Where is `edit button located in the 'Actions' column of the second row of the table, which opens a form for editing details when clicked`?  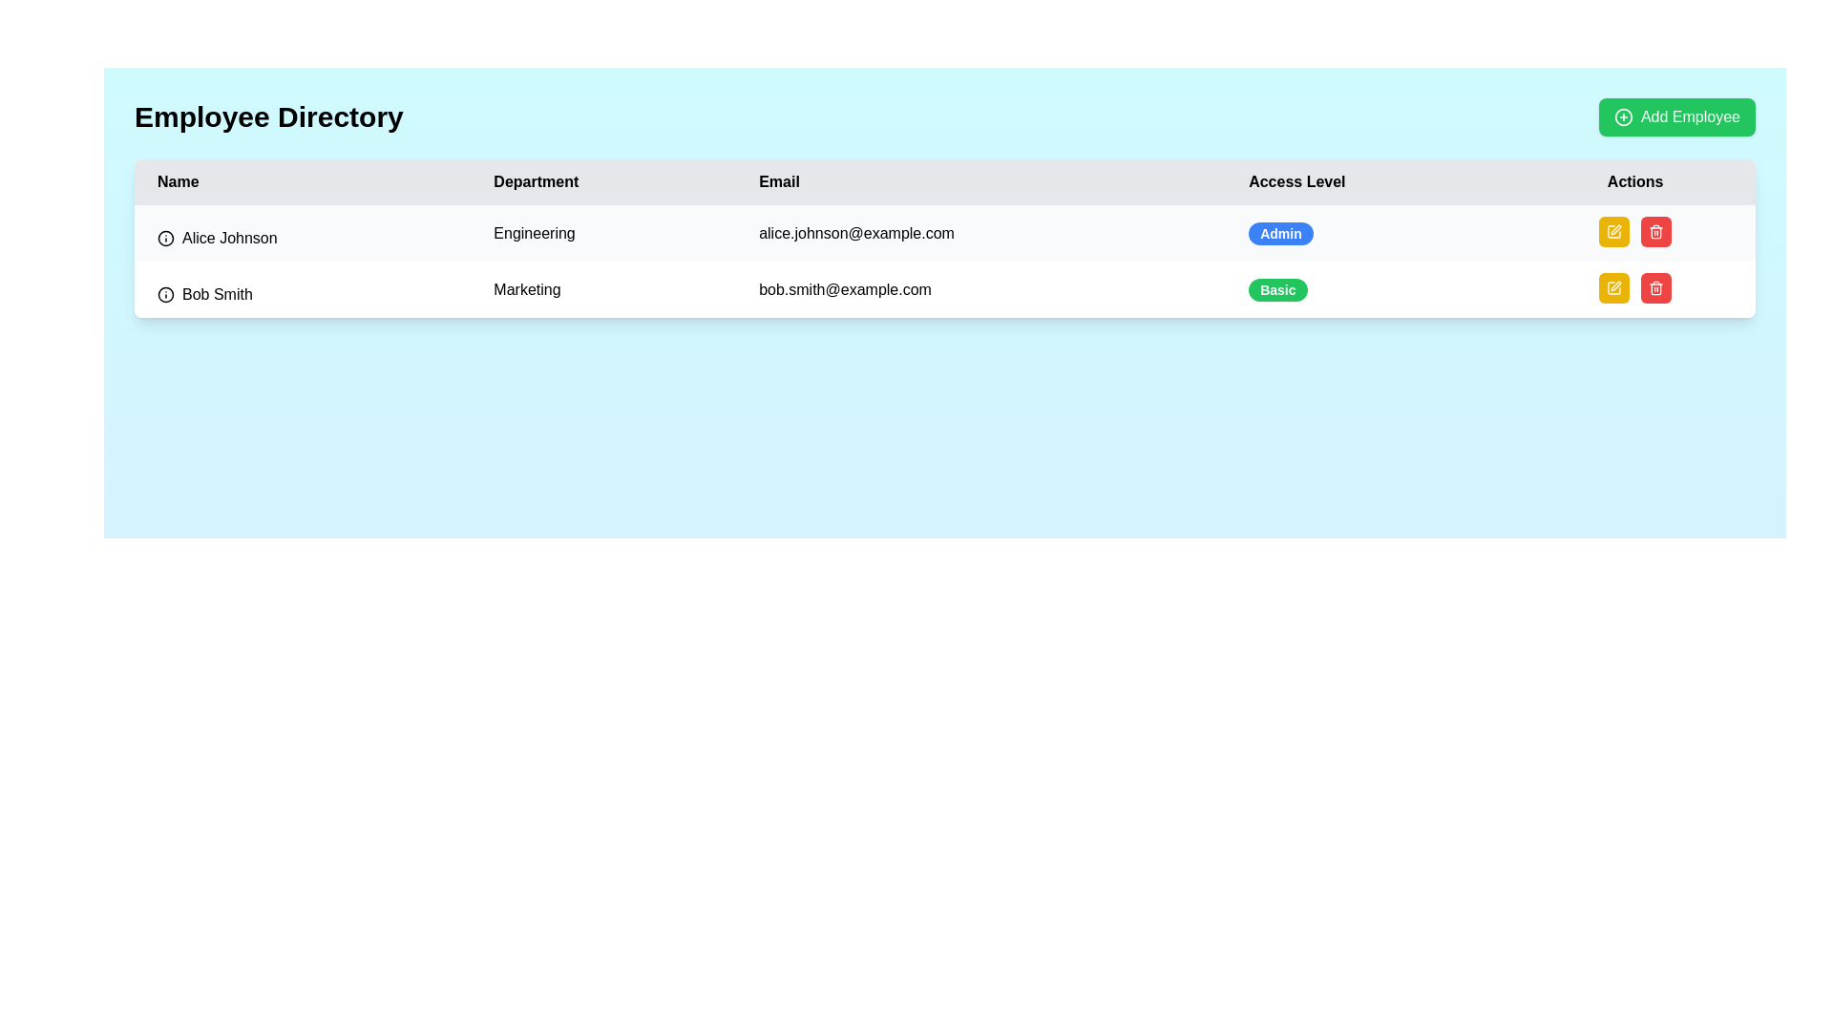 edit button located in the 'Actions' column of the second row of the table, which opens a form for editing details when clicked is located at coordinates (1613, 231).